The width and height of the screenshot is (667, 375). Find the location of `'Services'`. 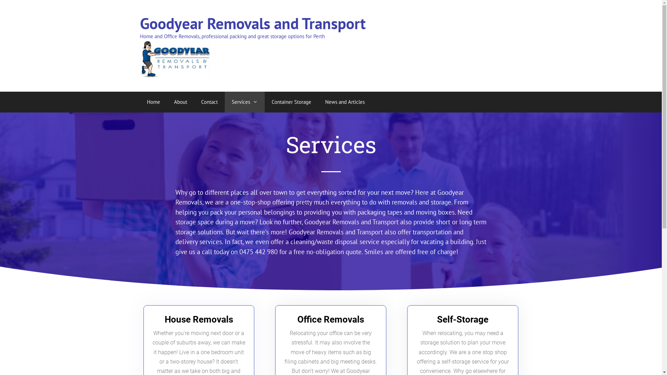

'Services' is located at coordinates (244, 102).